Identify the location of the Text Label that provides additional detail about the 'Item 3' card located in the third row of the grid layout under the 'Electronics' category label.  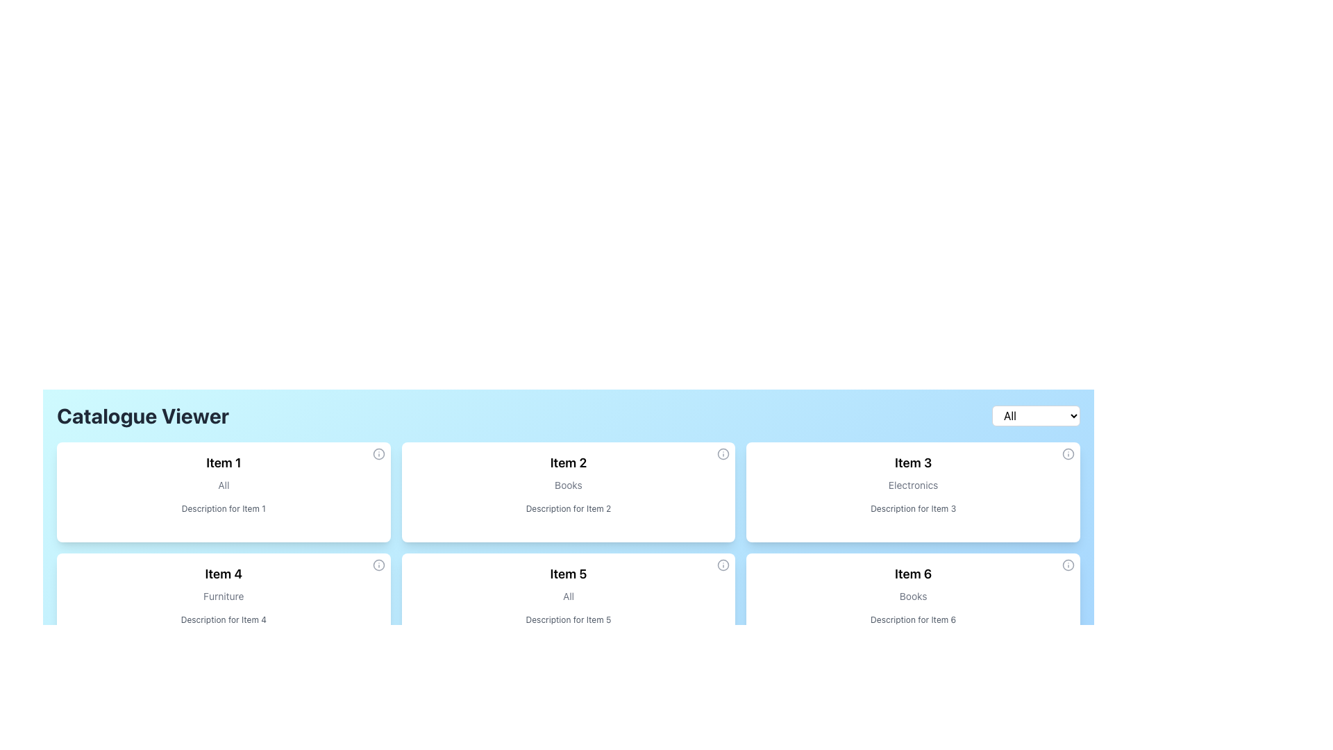
(913, 508).